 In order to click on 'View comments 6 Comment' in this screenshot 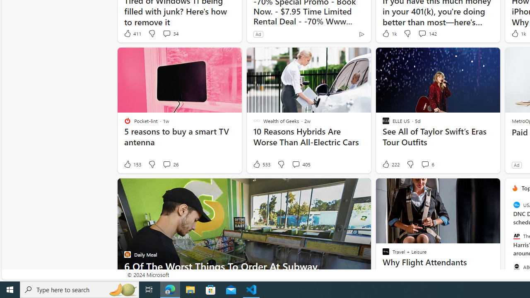, I will do `click(425, 164)`.